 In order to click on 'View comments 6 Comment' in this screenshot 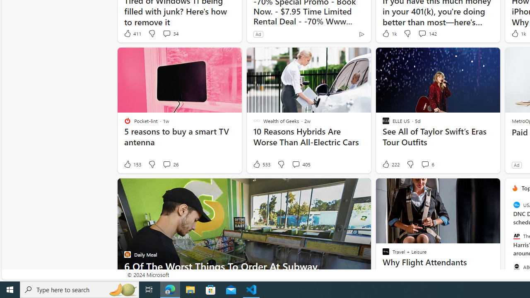, I will do `click(425, 164)`.